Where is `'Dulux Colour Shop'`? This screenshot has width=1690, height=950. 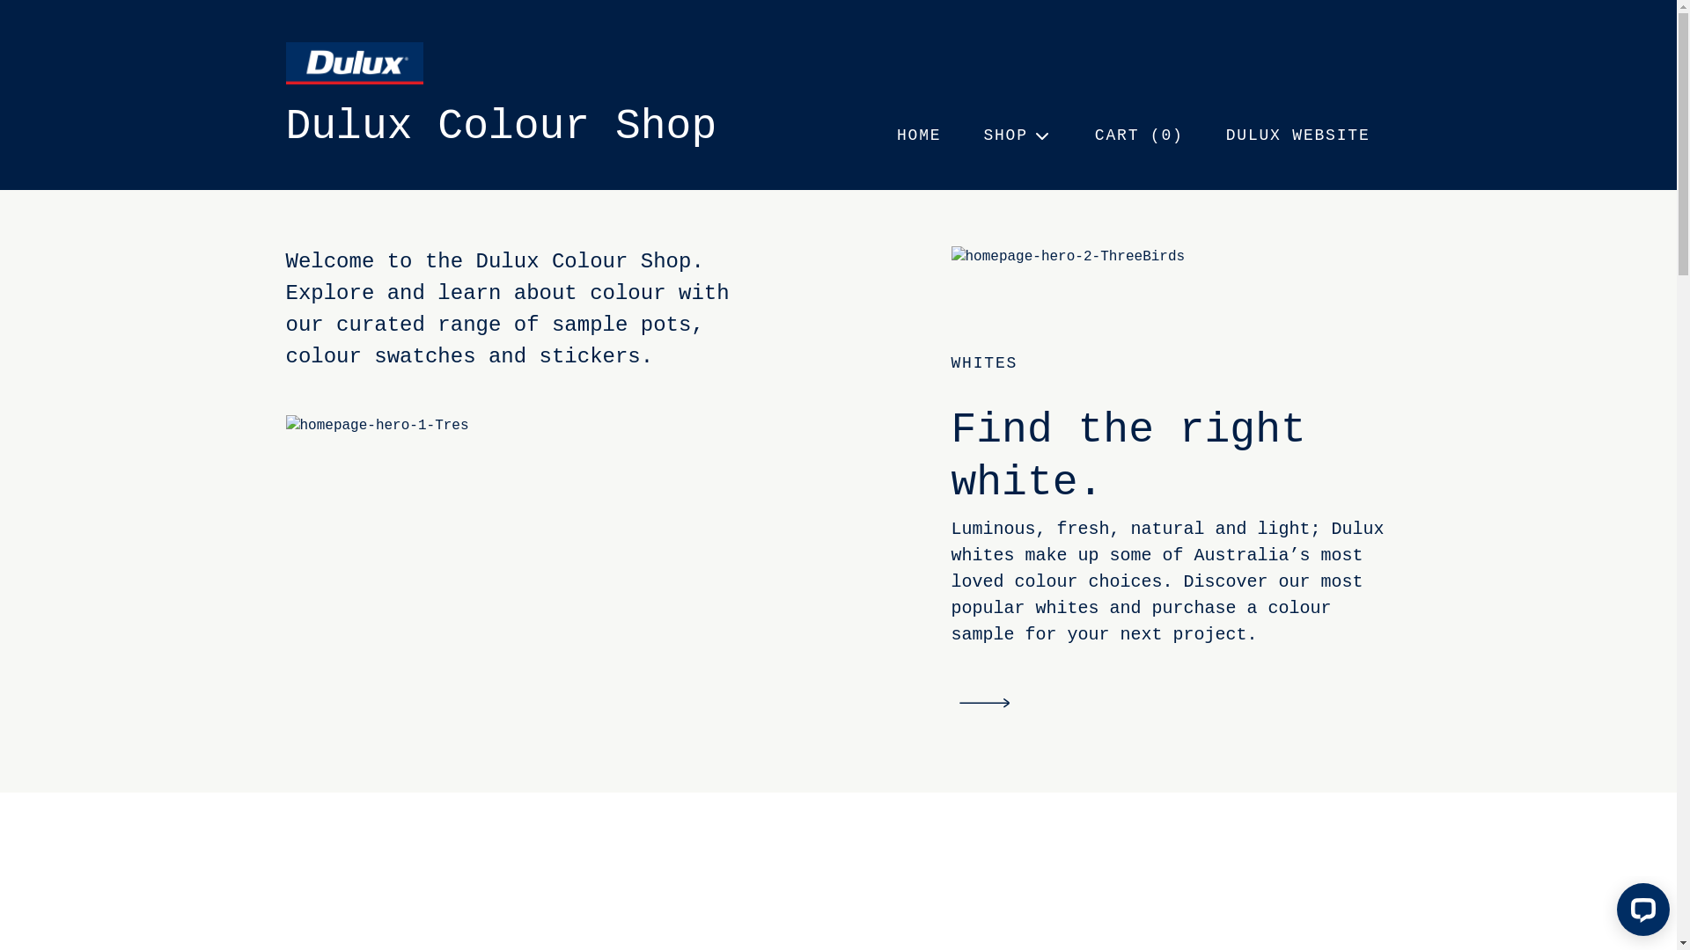
'Dulux Colour Shop' is located at coordinates (500, 125).